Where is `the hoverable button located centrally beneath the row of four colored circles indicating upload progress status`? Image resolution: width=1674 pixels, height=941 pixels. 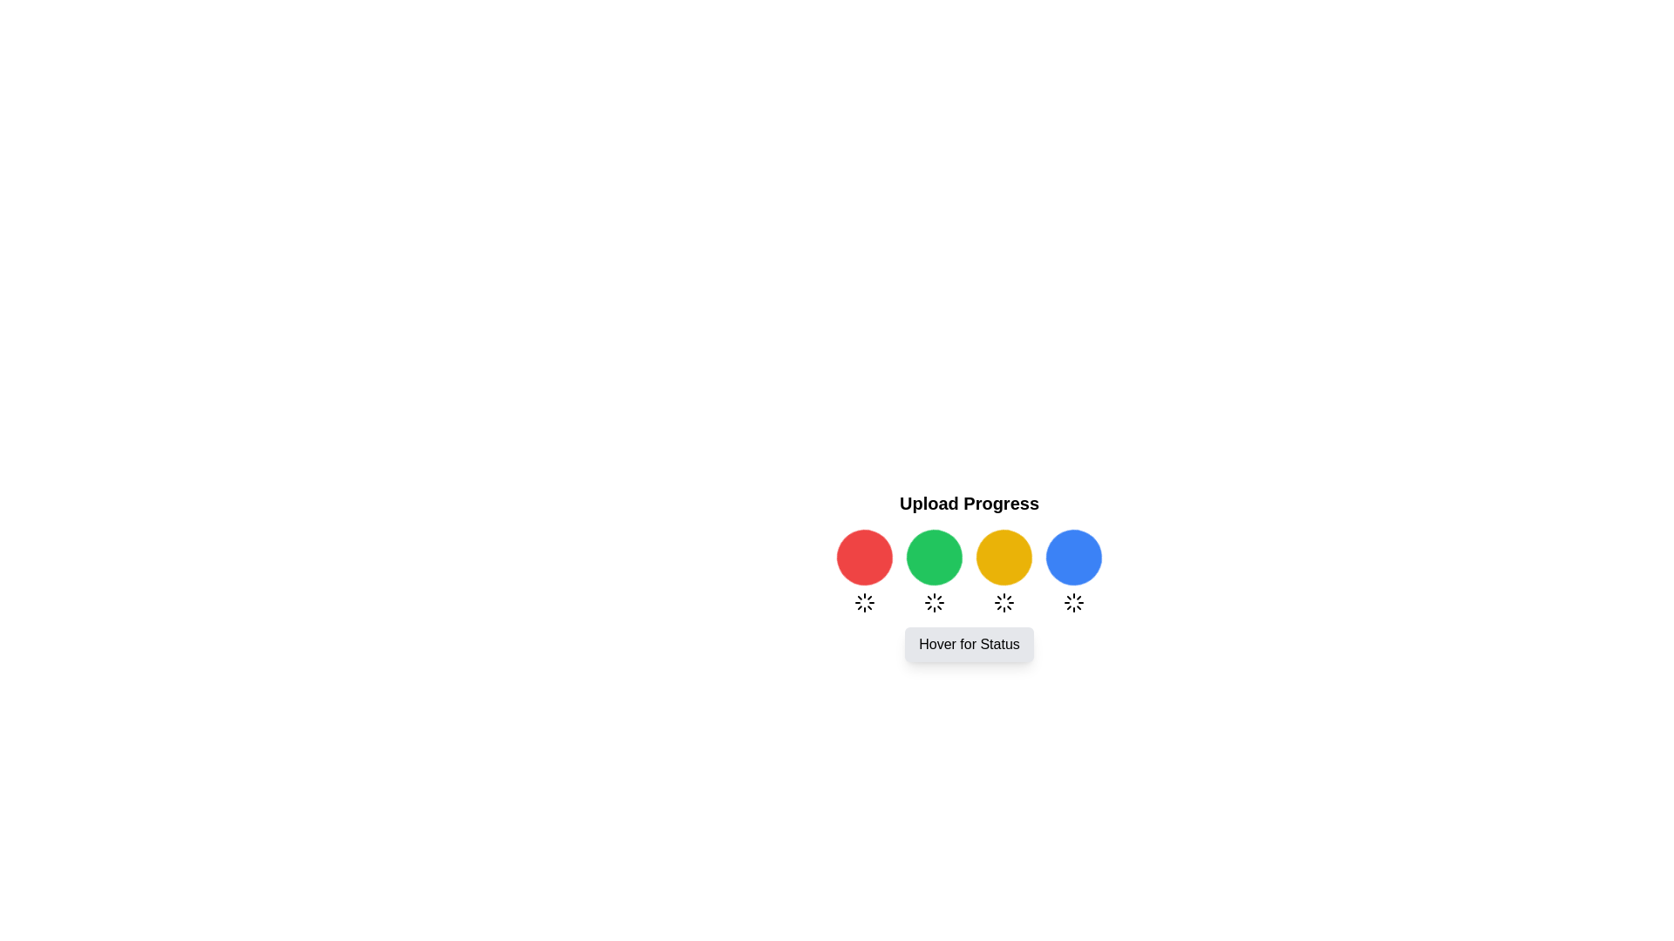 the hoverable button located centrally beneath the row of four colored circles indicating upload progress status is located at coordinates (969, 645).